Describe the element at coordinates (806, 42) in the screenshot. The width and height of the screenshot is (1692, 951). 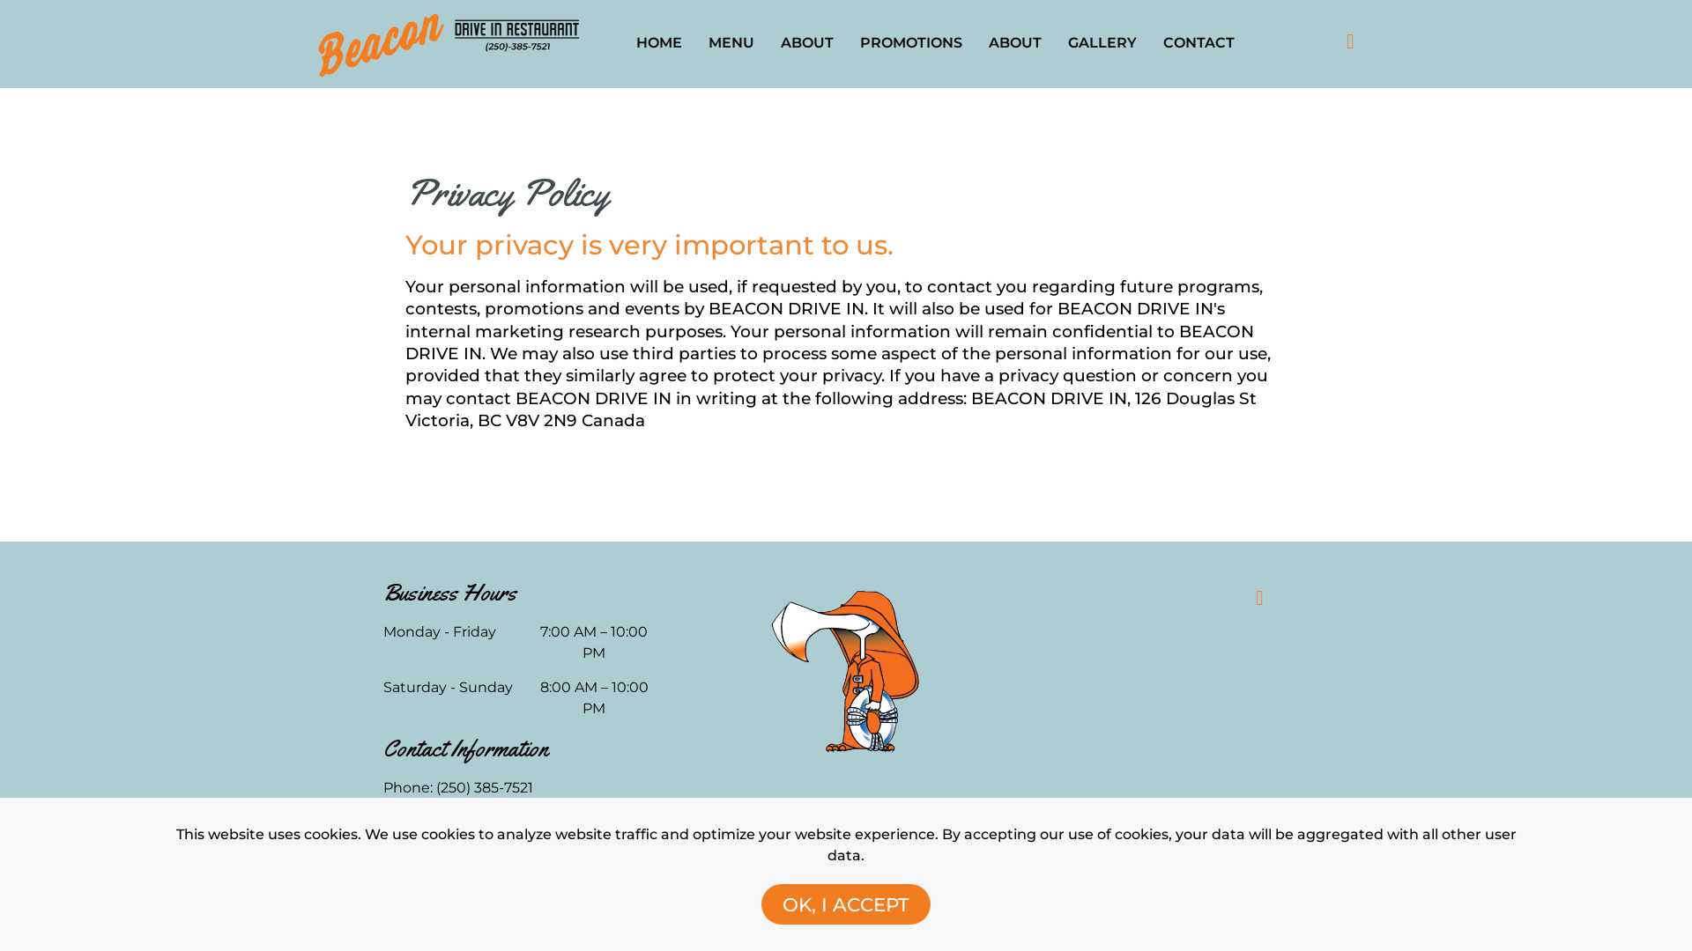
I see `'ABOUT'` at that location.